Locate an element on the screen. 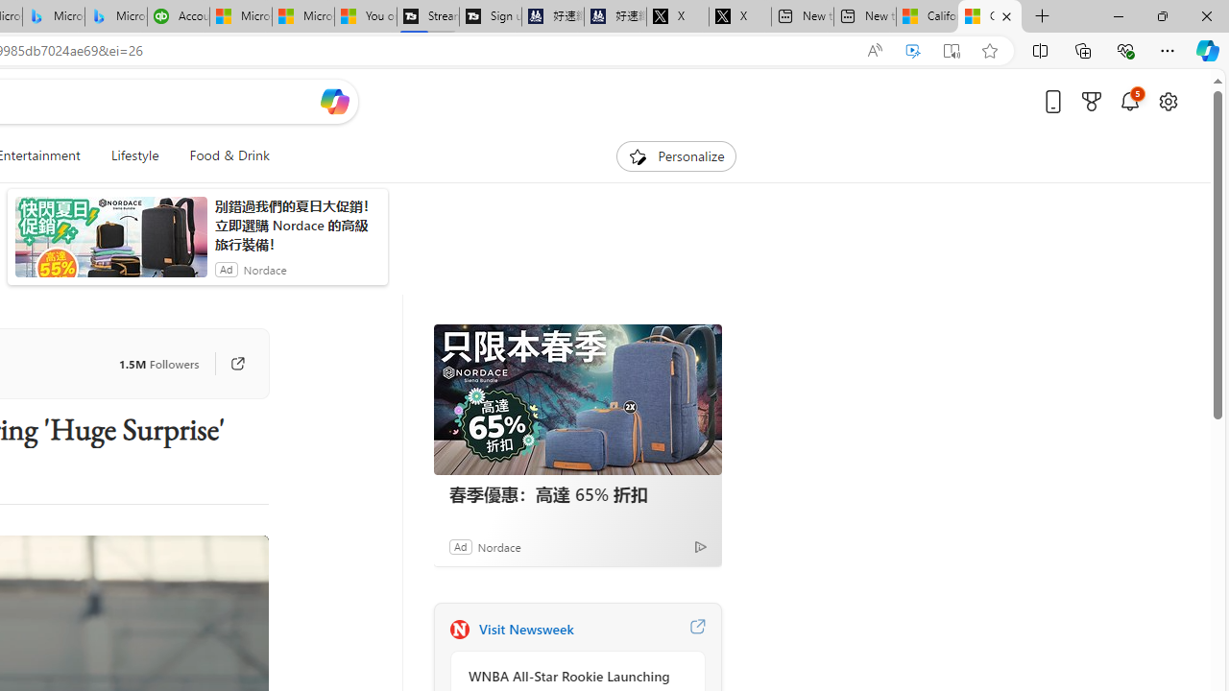 This screenshot has height=691, width=1229. 'Lifestyle' is located at coordinates (133, 155).